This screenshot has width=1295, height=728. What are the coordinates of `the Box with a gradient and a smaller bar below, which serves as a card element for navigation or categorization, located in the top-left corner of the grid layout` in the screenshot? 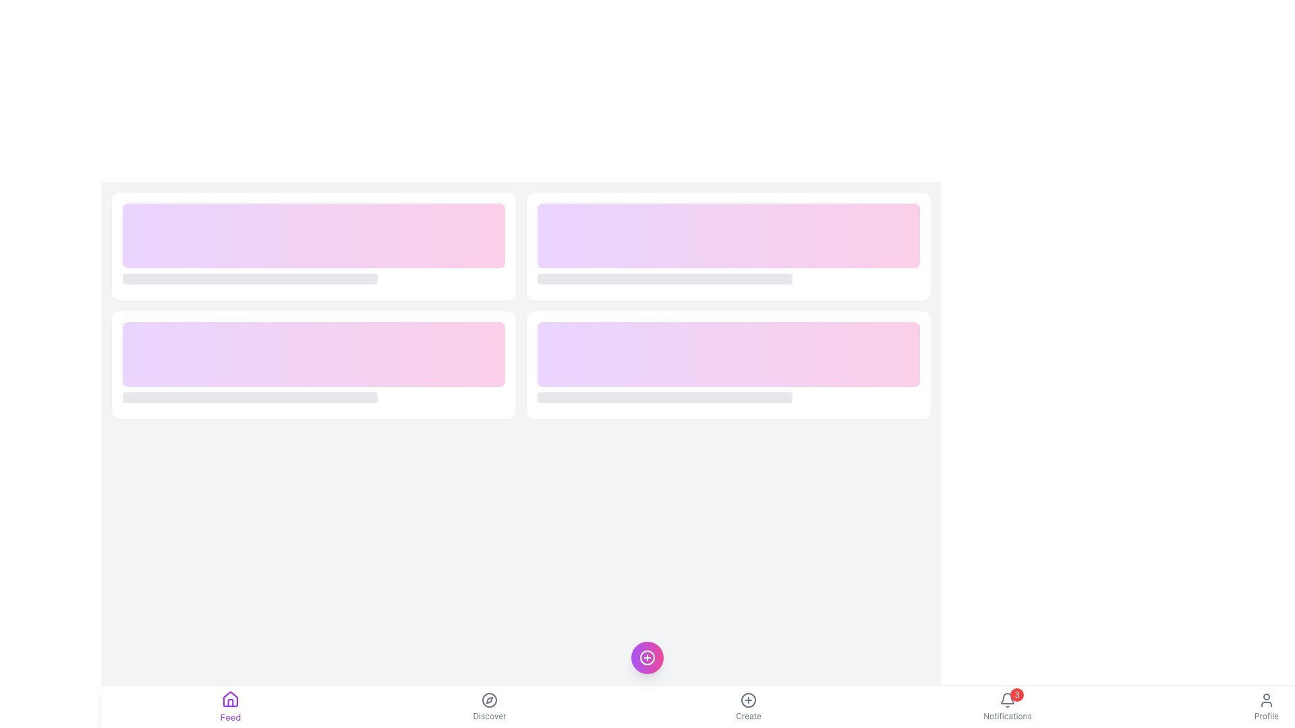 It's located at (313, 247).